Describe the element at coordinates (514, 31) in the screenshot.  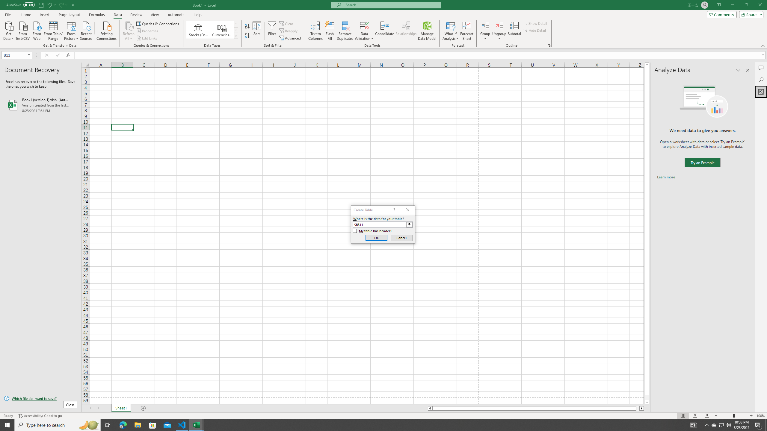
I see `'Subtotal'` at that location.